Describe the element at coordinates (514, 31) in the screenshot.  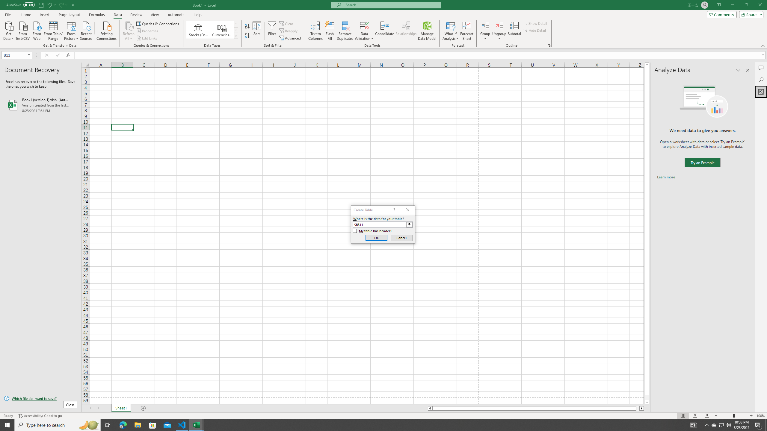
I see `'Subtotal'` at that location.